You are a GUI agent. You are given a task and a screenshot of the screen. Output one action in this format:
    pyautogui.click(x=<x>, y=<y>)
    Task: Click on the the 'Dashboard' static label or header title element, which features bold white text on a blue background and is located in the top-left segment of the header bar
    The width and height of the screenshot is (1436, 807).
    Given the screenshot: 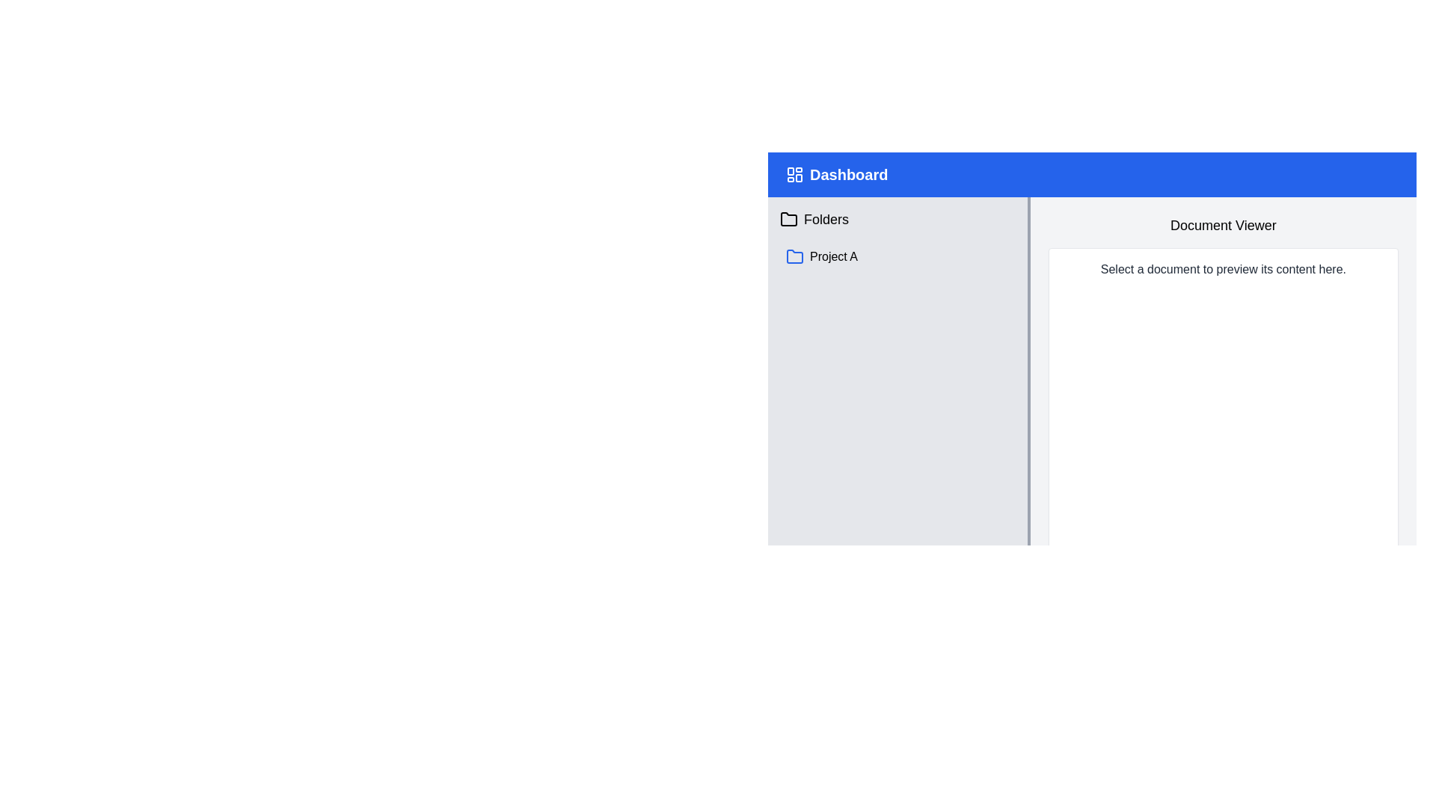 What is the action you would take?
    pyautogui.click(x=836, y=174)
    